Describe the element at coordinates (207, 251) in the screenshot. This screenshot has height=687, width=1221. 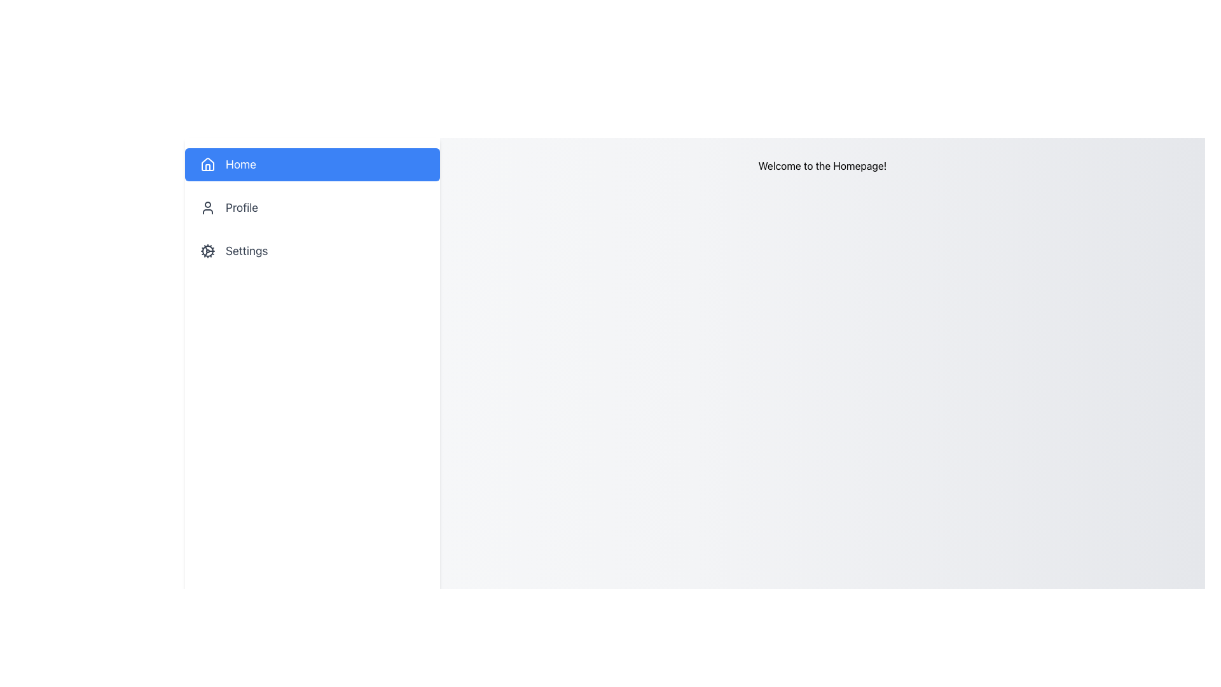
I see `the circular decorative element outlined in red within the 'Settings' icon in the vertical navigation bar` at that location.